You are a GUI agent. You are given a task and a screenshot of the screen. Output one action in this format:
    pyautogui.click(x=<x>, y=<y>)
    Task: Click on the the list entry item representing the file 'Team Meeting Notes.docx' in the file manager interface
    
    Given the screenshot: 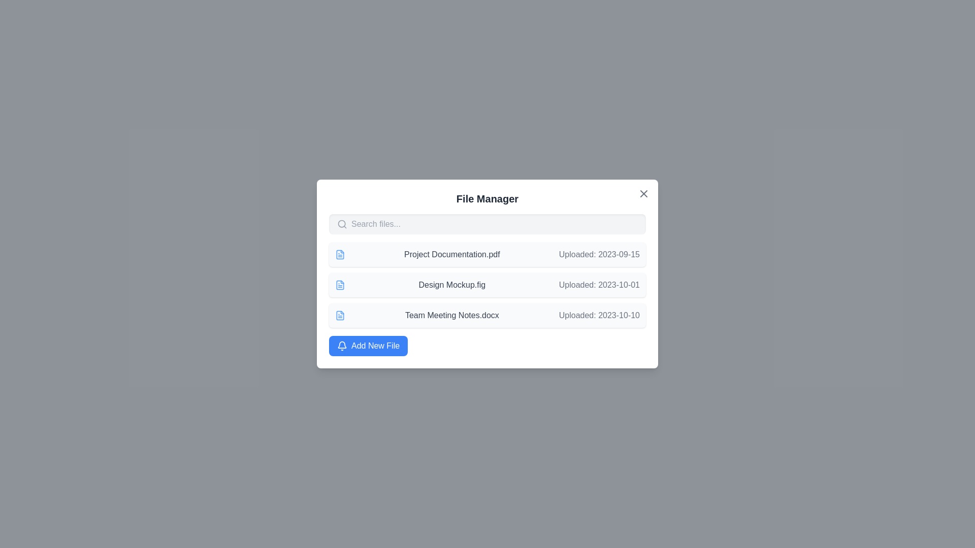 What is the action you would take?
    pyautogui.click(x=487, y=315)
    